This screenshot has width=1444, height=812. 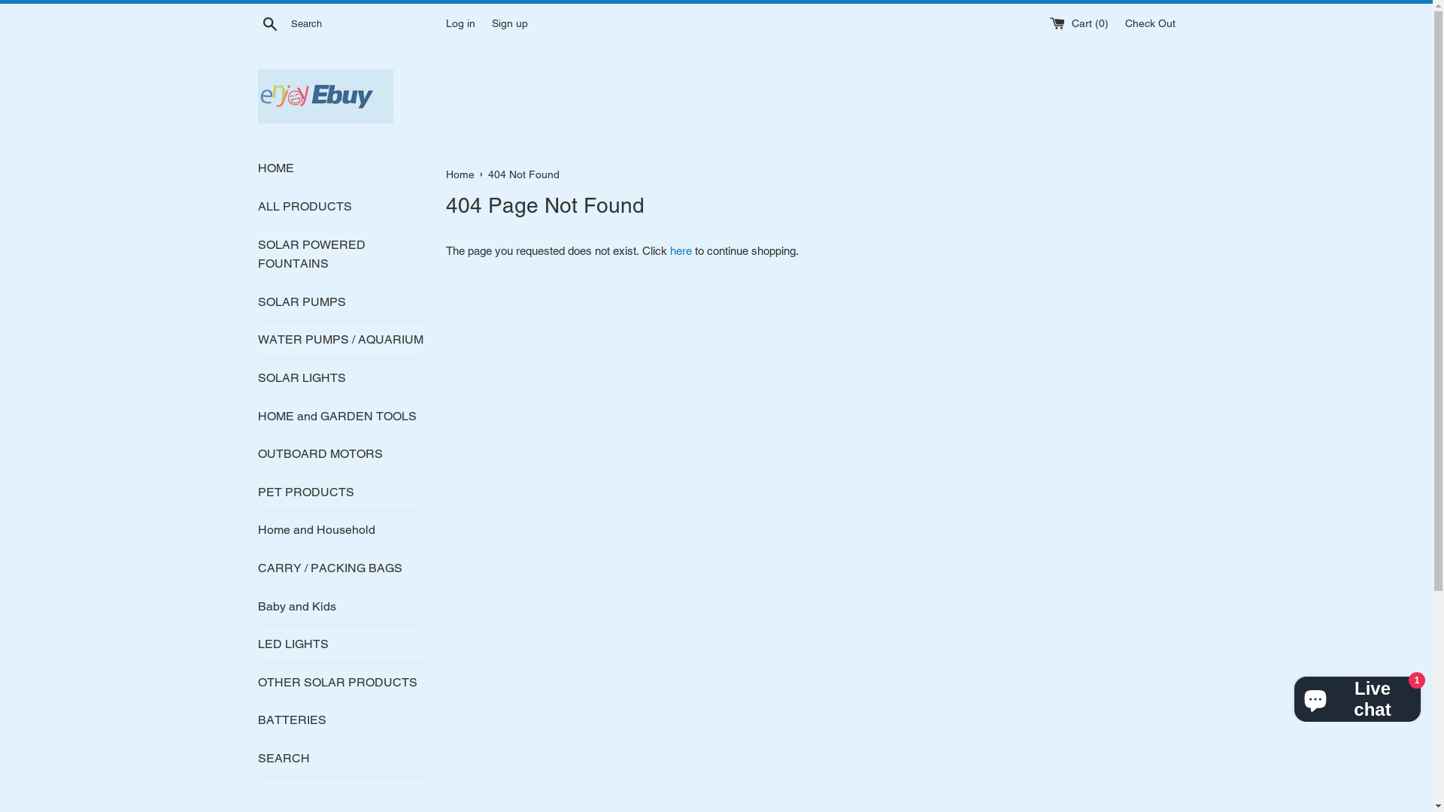 What do you see at coordinates (338, 206) in the screenshot?
I see `'ALL PRODUCTS'` at bounding box center [338, 206].